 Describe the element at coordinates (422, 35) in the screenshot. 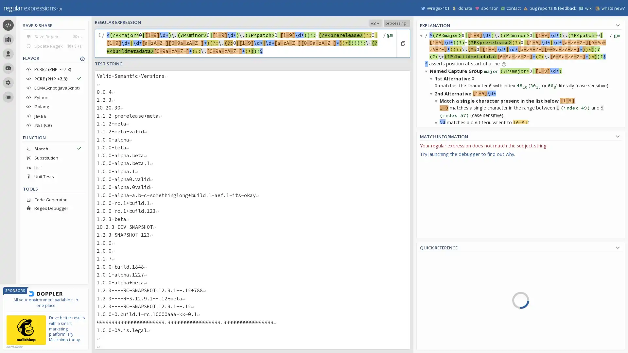

I see `Collapse Subtree` at that location.